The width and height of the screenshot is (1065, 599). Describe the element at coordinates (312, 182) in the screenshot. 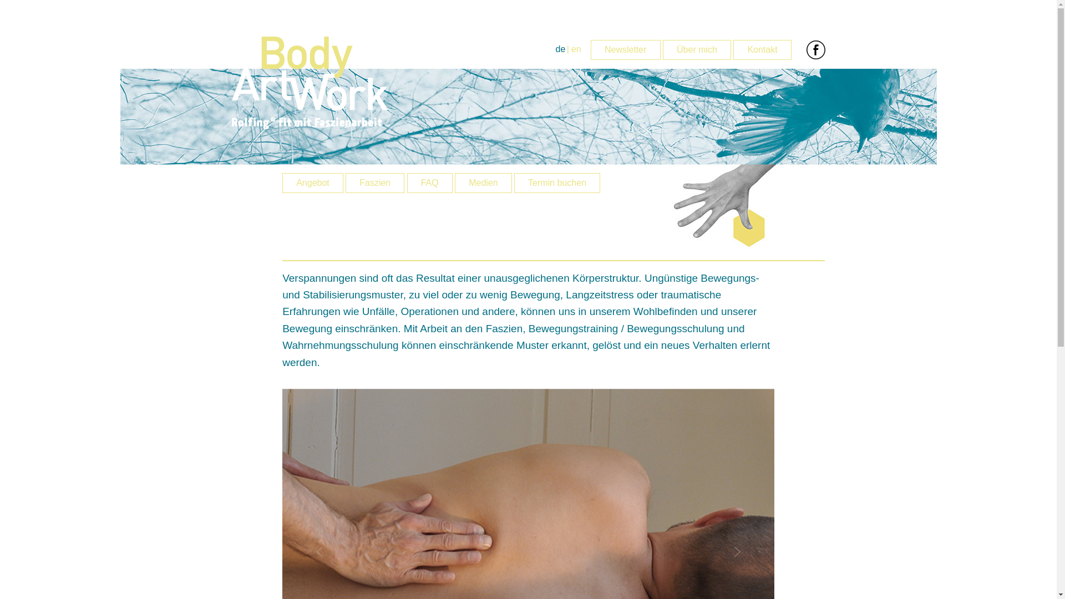

I see `'Angebot'` at that location.